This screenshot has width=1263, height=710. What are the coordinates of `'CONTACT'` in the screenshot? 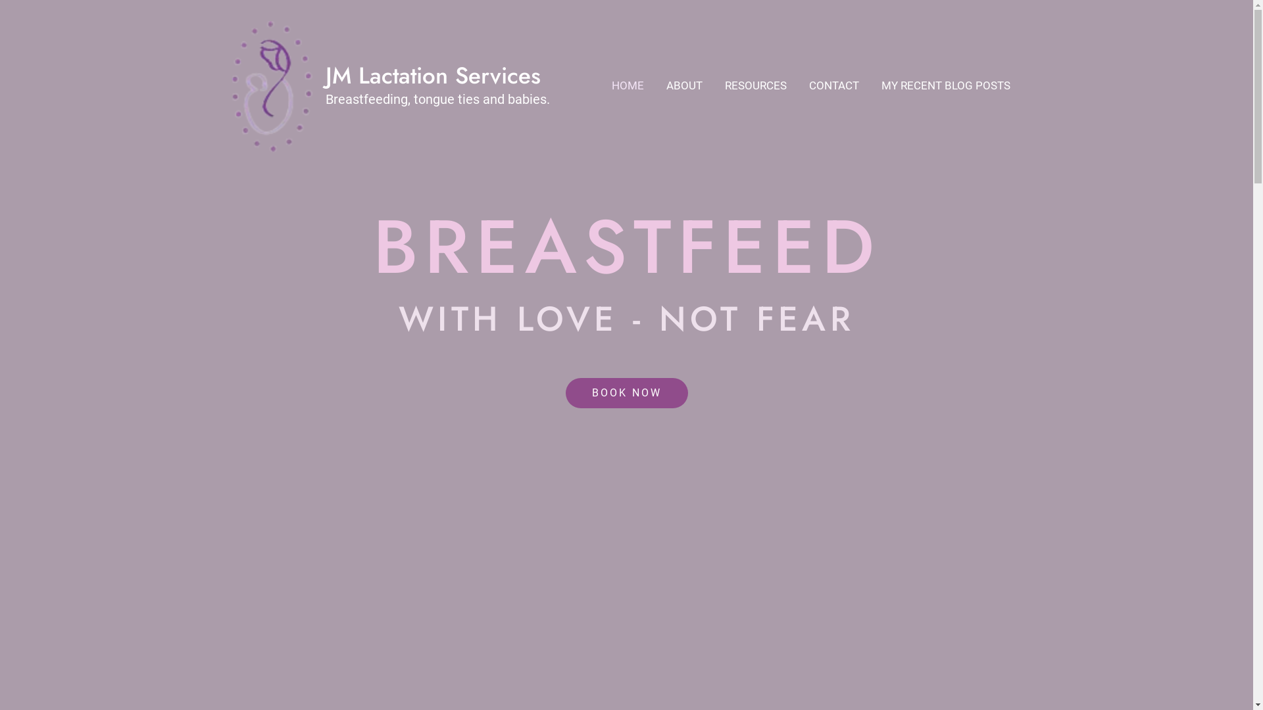 It's located at (833, 85).